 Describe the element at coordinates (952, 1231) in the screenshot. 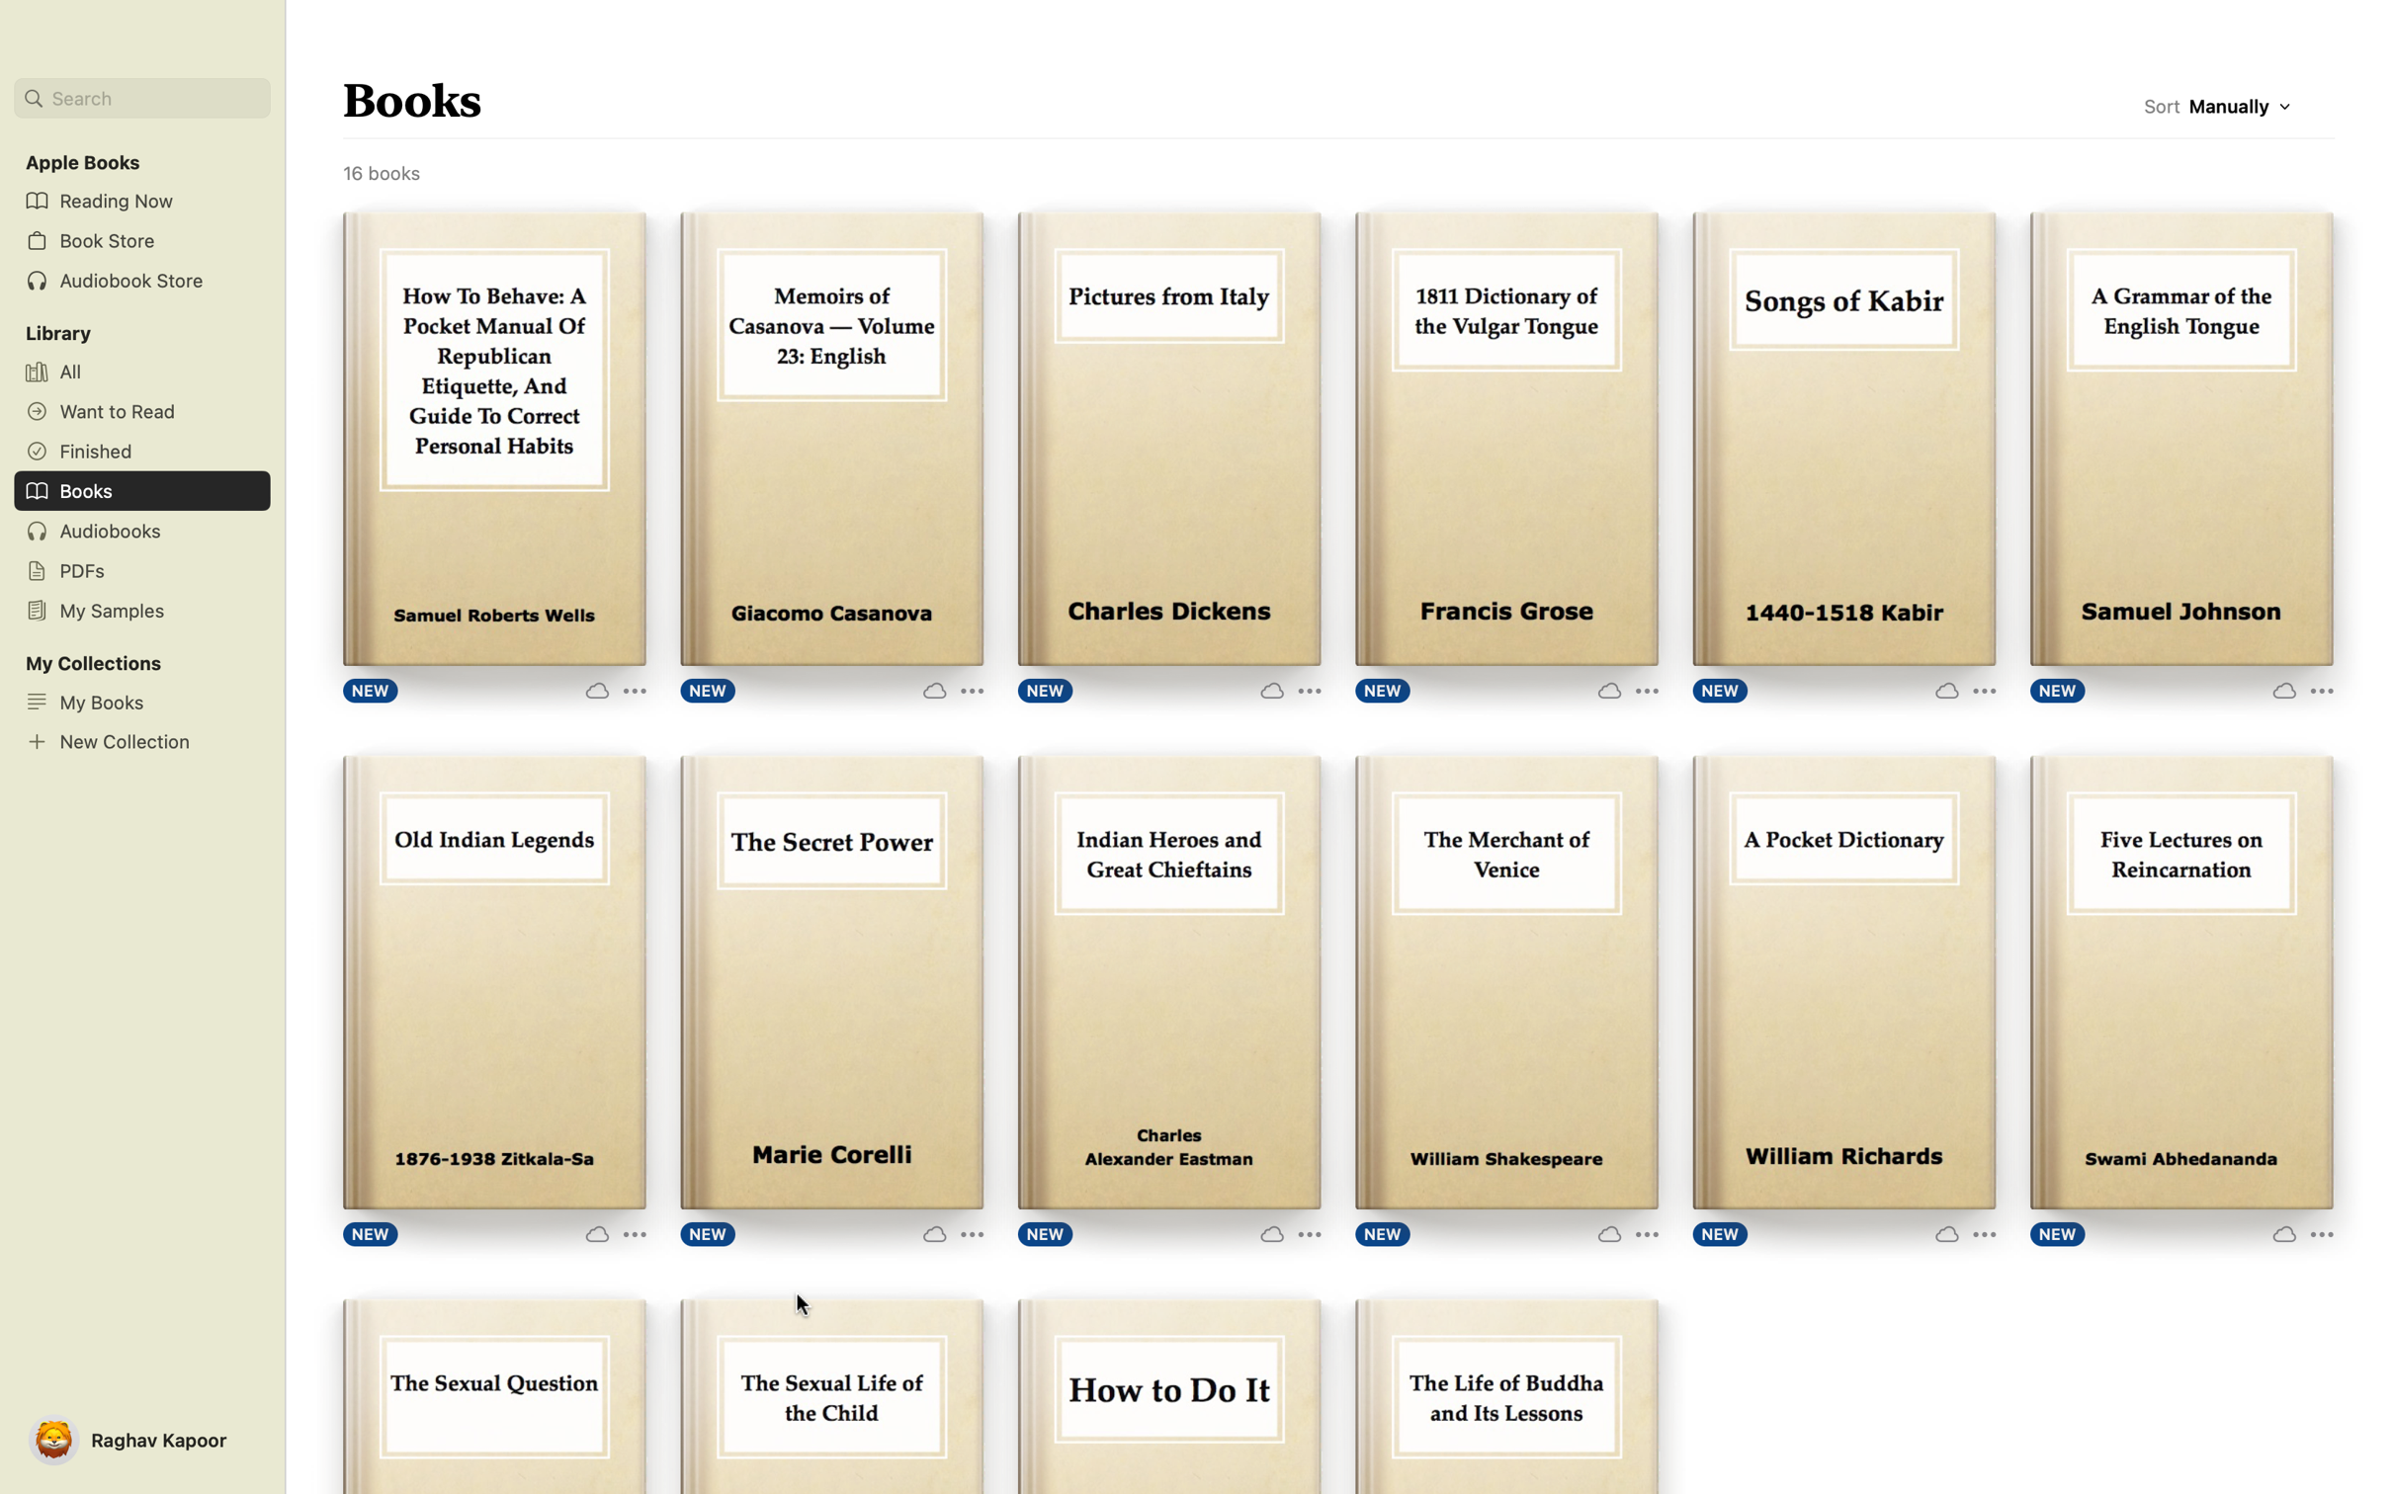

I see `additional data about "The Secret Power" by clicking the ellipsis` at that location.